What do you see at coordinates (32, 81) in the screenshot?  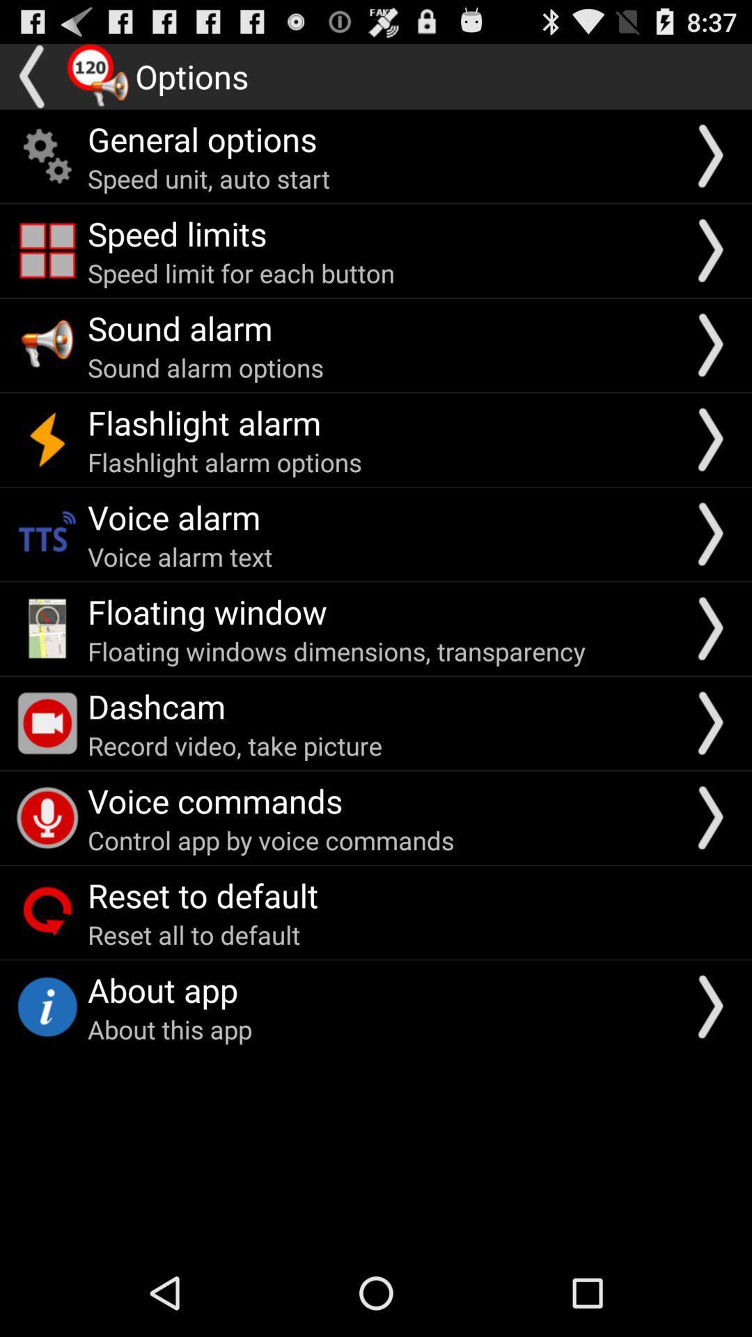 I see `the arrow_backward icon` at bounding box center [32, 81].